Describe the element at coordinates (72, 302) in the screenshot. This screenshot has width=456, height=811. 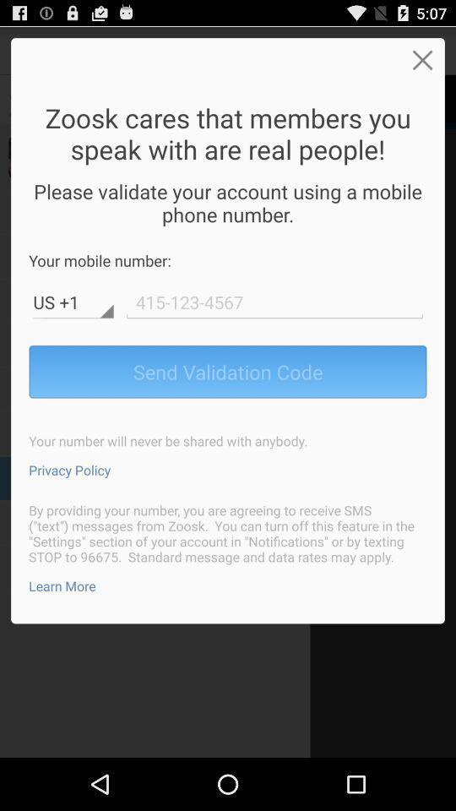
I see `the country code text field below your mobile number` at that location.